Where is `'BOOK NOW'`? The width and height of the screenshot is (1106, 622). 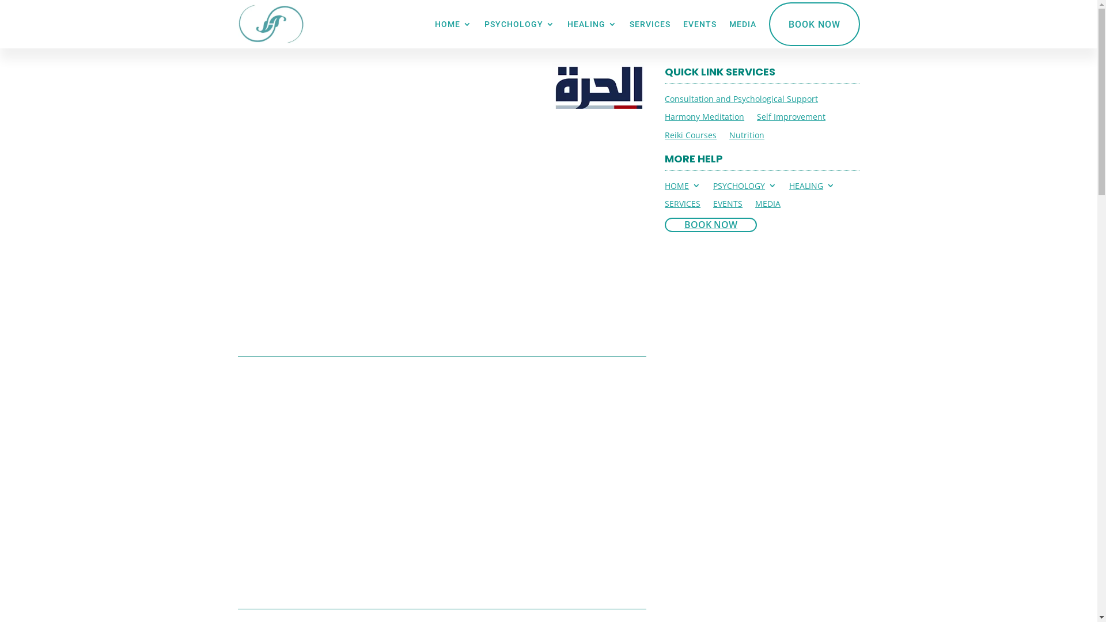 'BOOK NOW' is located at coordinates (710, 225).